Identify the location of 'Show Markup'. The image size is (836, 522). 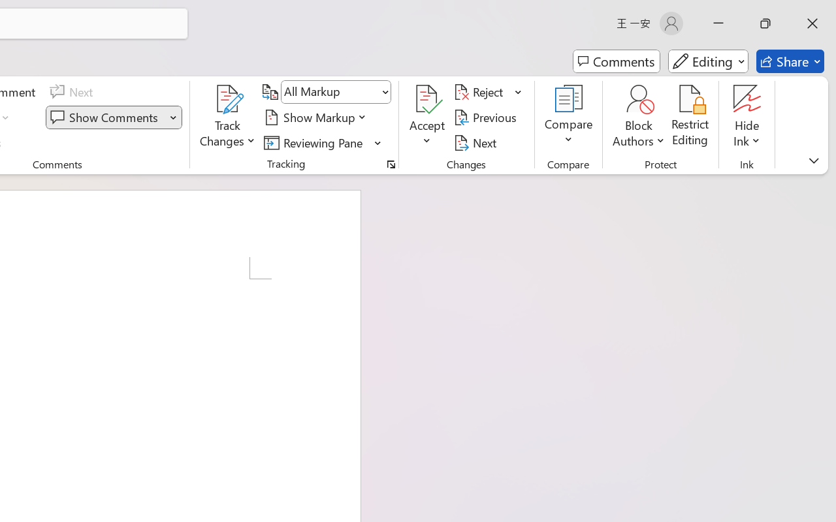
(317, 117).